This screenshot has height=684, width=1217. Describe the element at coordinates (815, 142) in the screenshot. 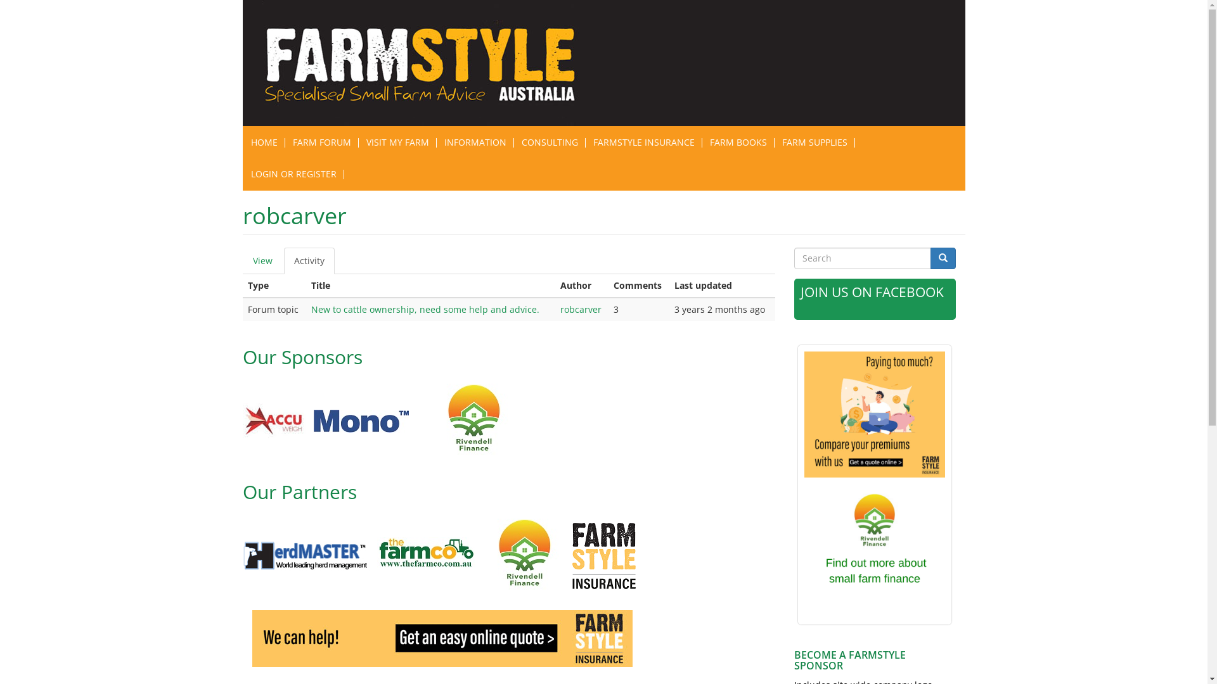

I see `'FARM SUPPLIES'` at that location.